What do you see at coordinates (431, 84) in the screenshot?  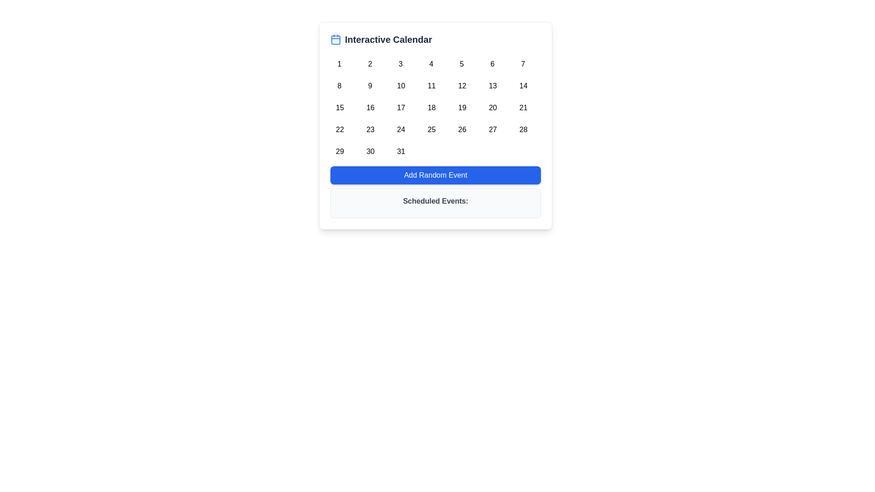 I see `the button with the numeral '11' on a white background, styled with rounded edges, located in the second row and fourth column of the calendar grid` at bounding box center [431, 84].